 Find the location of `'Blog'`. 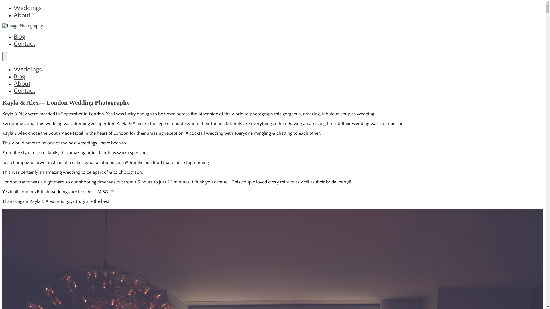

'Blog' is located at coordinates (14, 37).